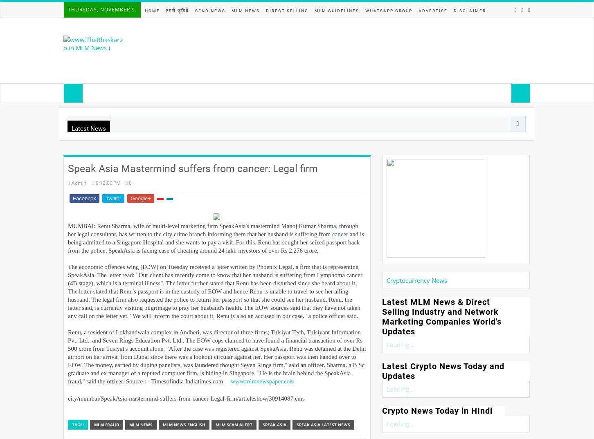 The height and width of the screenshot is (439, 594). What do you see at coordinates (77, 424) in the screenshot?
I see `'Tags:'` at bounding box center [77, 424].